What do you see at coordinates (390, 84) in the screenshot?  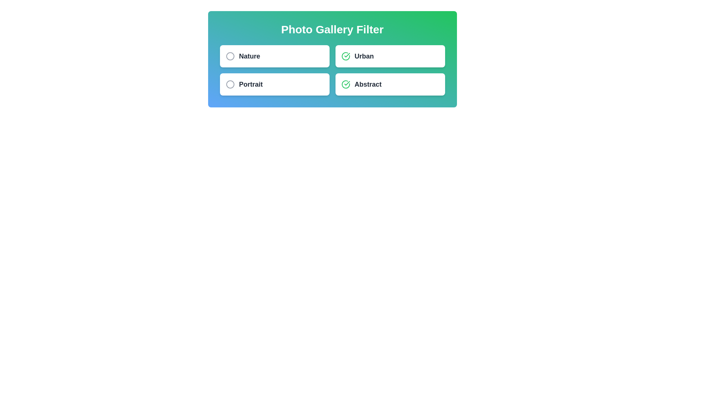 I see `the filter item Abstract` at bounding box center [390, 84].